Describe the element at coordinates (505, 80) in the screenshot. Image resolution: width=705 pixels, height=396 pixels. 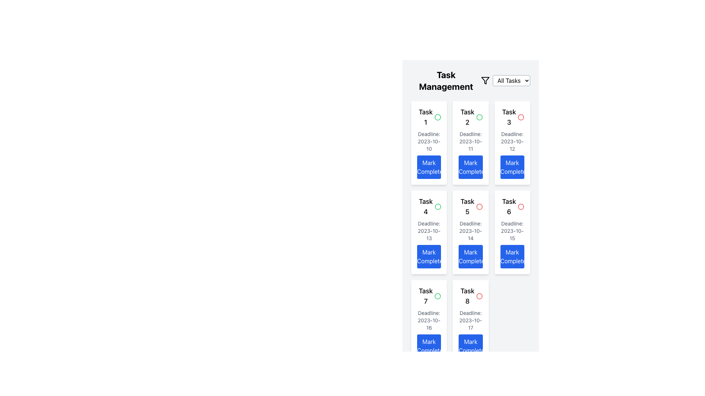
I see `the Dropdown menu located` at that location.